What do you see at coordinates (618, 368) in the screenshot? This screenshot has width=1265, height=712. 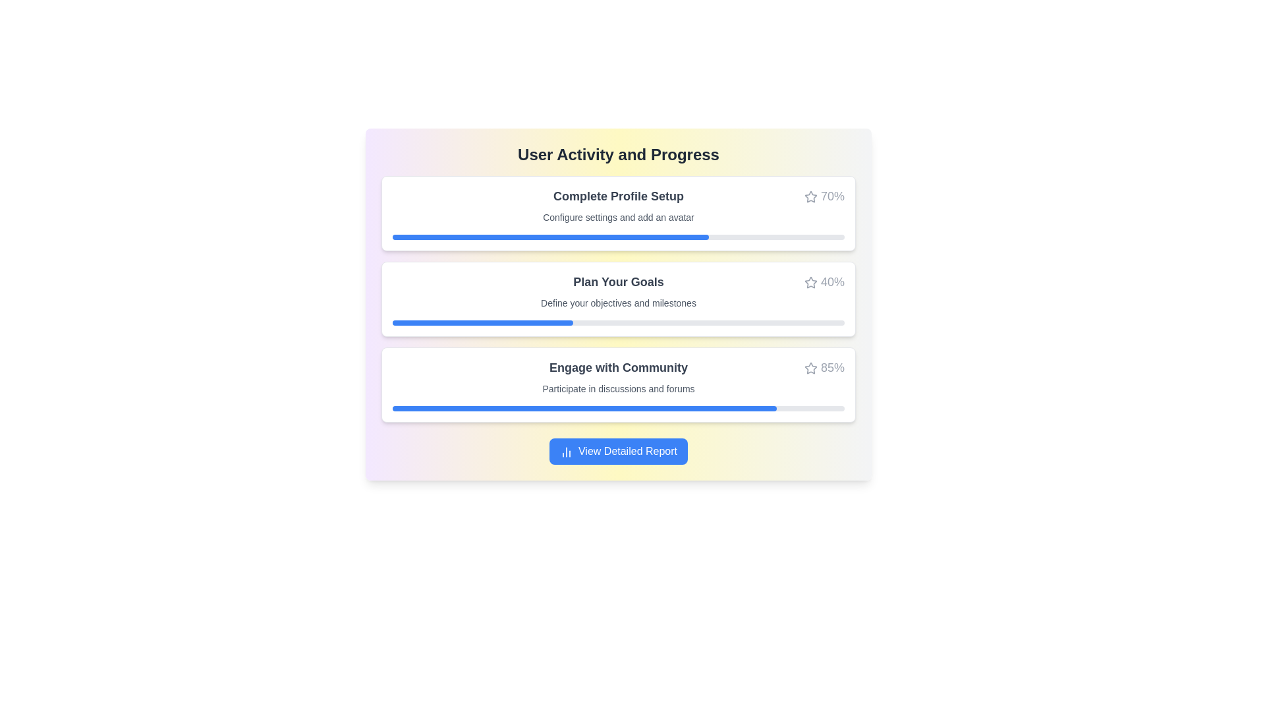 I see `text heading 'Engage with Community' displayed prominently in a large, bold font within the third white card from the top` at bounding box center [618, 368].